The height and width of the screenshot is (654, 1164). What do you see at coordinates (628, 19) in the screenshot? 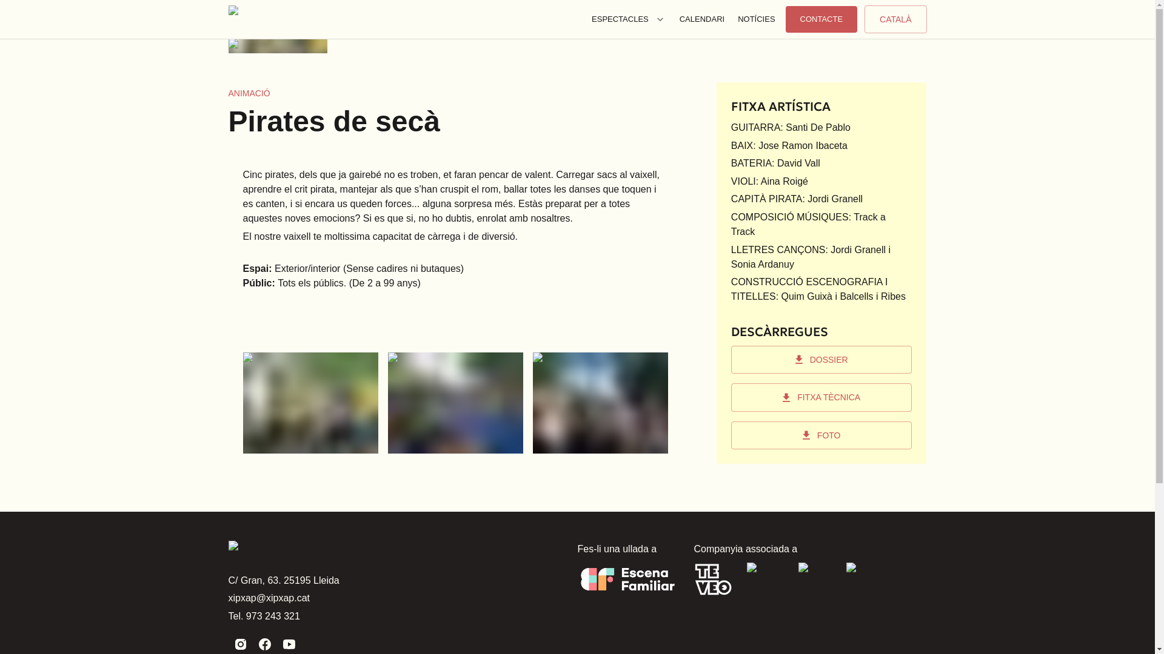
I see `'ESPECTACLES'` at bounding box center [628, 19].